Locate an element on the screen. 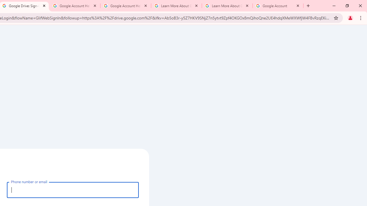 Image resolution: width=367 pixels, height=206 pixels. 'Google Account' is located at coordinates (278, 6).